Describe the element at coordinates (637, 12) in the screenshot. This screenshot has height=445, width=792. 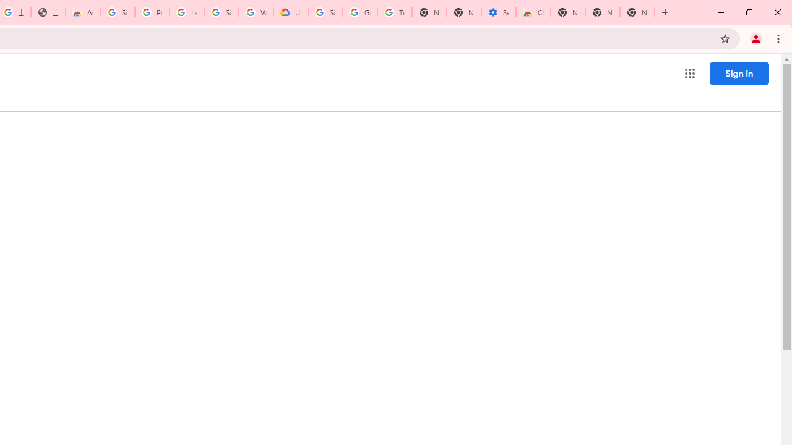
I see `'New Tab'` at that location.